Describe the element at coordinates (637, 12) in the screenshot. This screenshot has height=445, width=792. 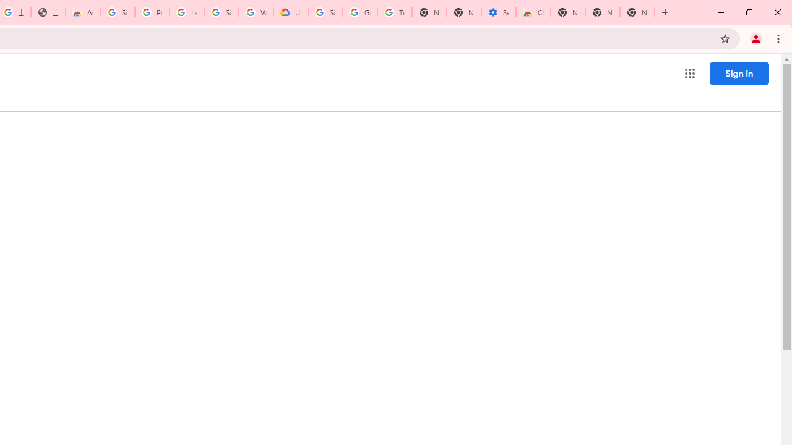
I see `'New Tab'` at that location.